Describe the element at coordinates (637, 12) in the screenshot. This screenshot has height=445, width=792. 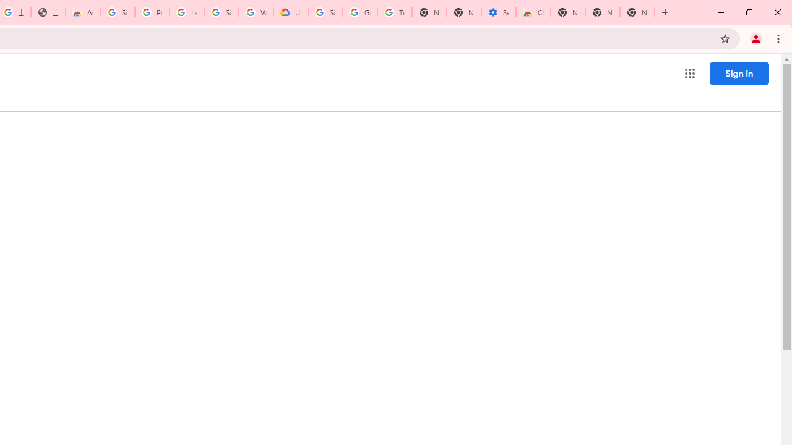
I see `'New Tab'` at that location.